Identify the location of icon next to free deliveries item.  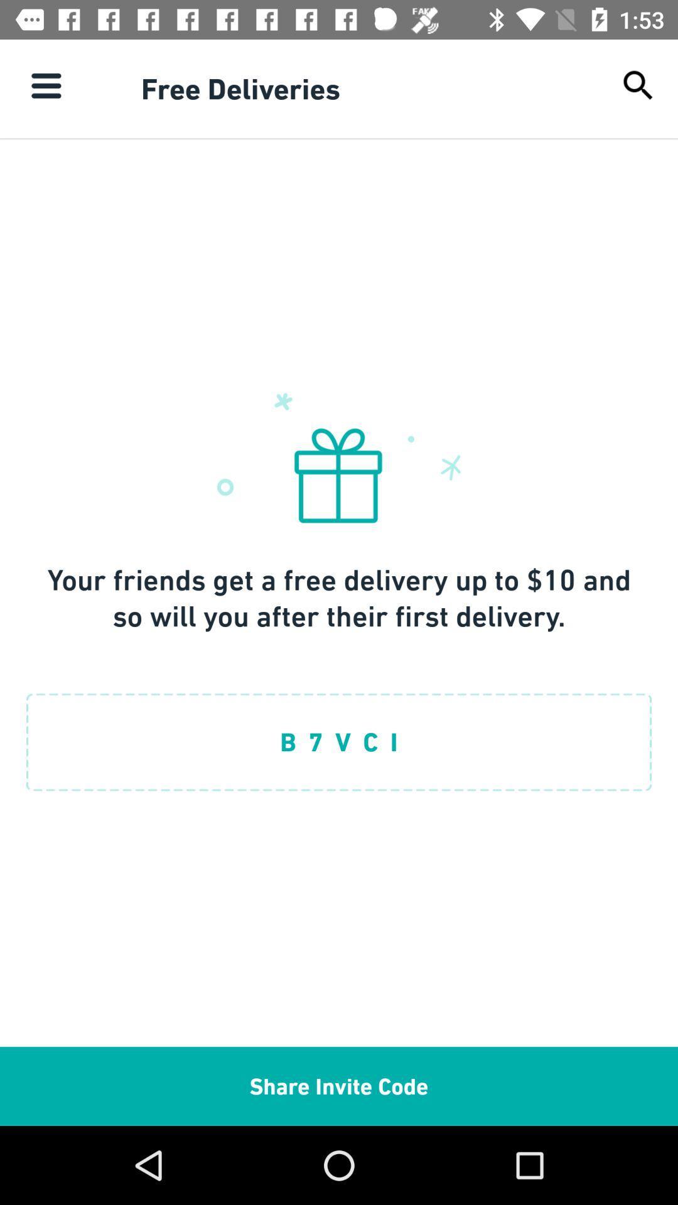
(638, 85).